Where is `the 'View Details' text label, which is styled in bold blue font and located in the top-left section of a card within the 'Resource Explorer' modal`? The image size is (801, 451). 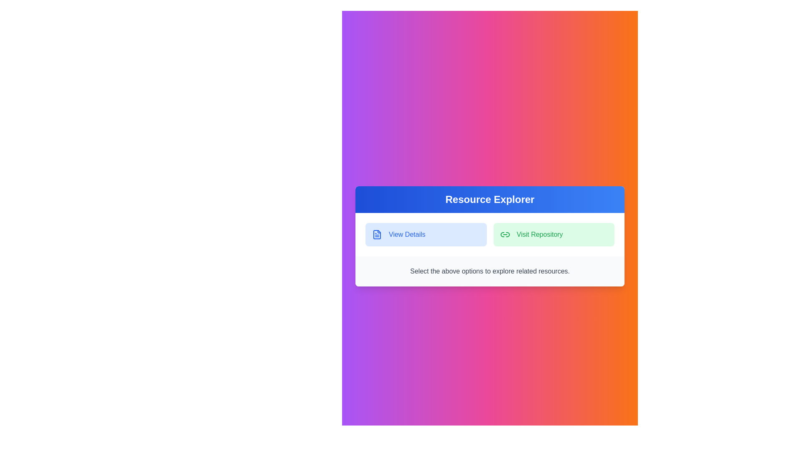
the 'View Details' text label, which is styled in bold blue font and located in the top-left section of a card within the 'Resource Explorer' modal is located at coordinates (407, 235).